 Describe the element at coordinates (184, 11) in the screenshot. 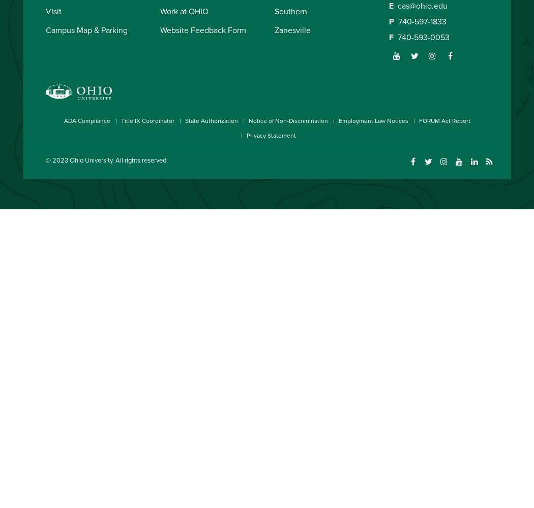

I see `'Work at OHIO'` at that location.